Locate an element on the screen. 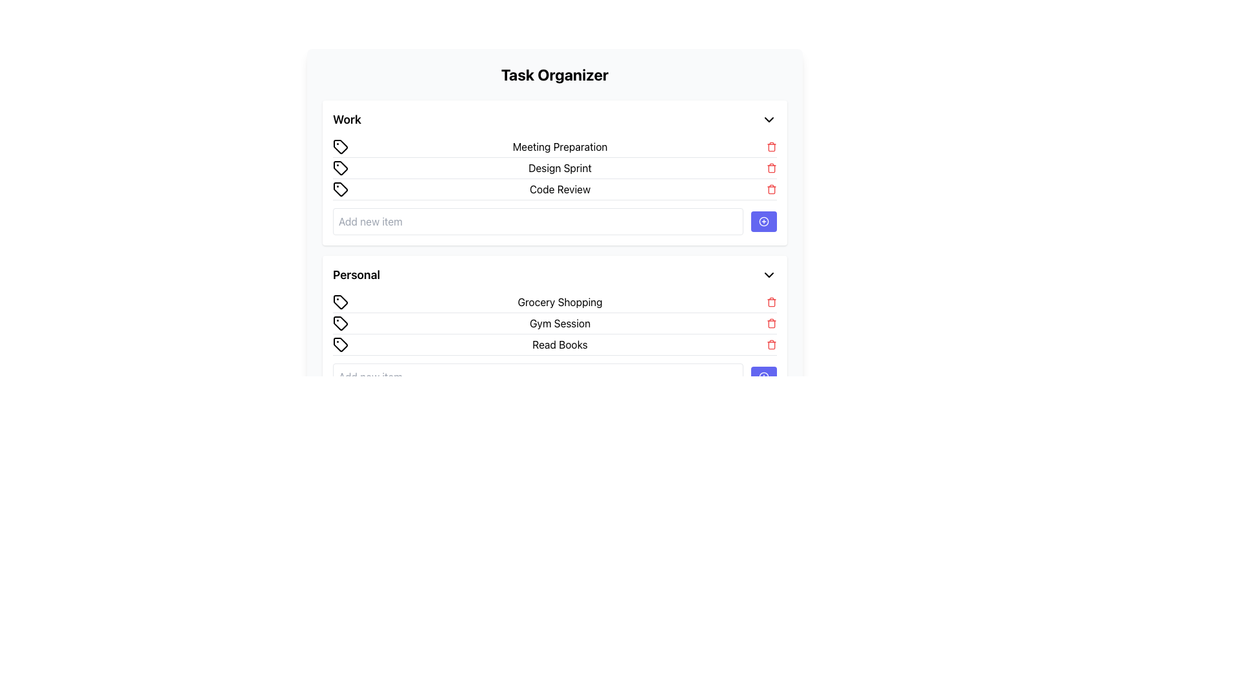  the Tag icon located in the 'Work' section of the 'Task Organizer' application, which is the first item in the row aligned with 'Meeting Preparation' is located at coordinates (341, 146).